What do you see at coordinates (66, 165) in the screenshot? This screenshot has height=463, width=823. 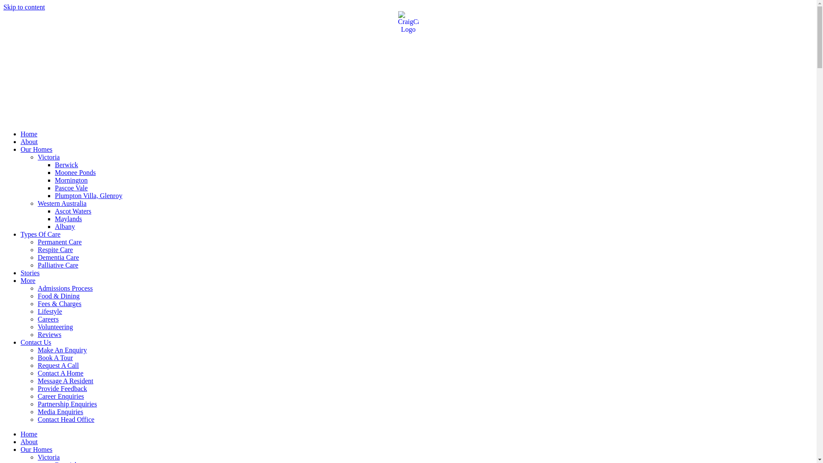 I see `'Berwick'` at bounding box center [66, 165].